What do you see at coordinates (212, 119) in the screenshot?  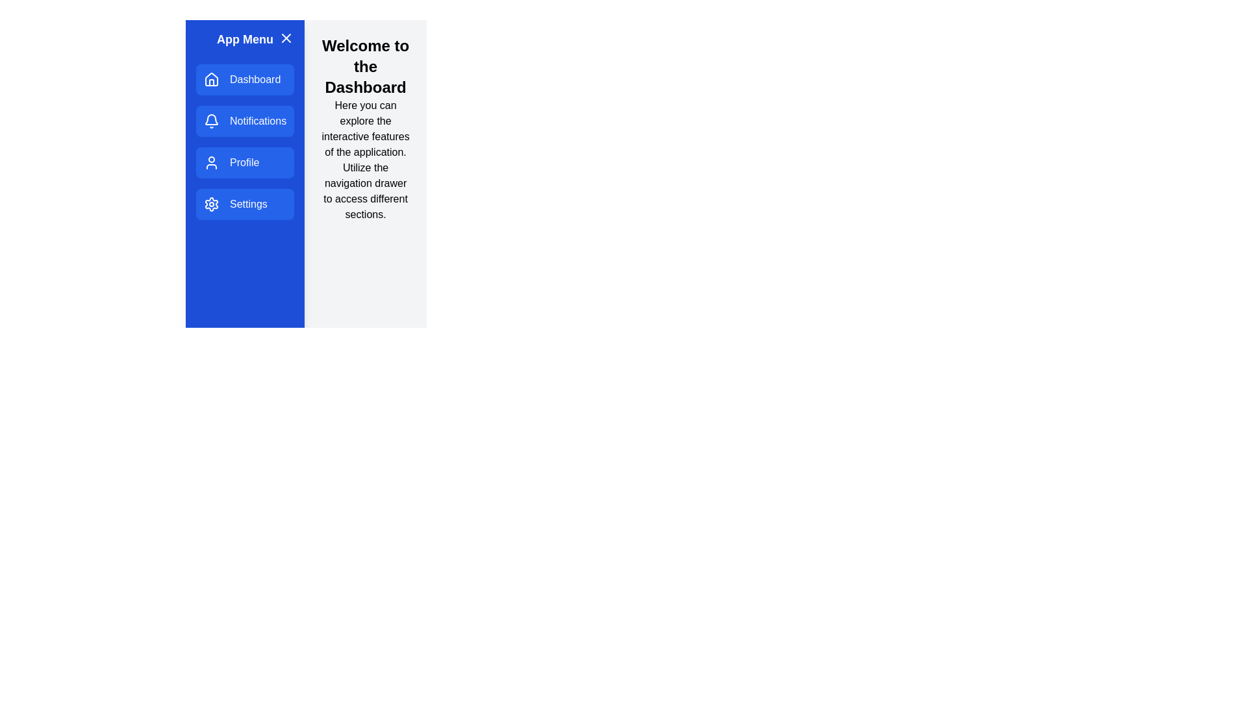 I see `the Notifications menu item icon, which serves as a visual notification symbol indicating alerts for the user` at bounding box center [212, 119].